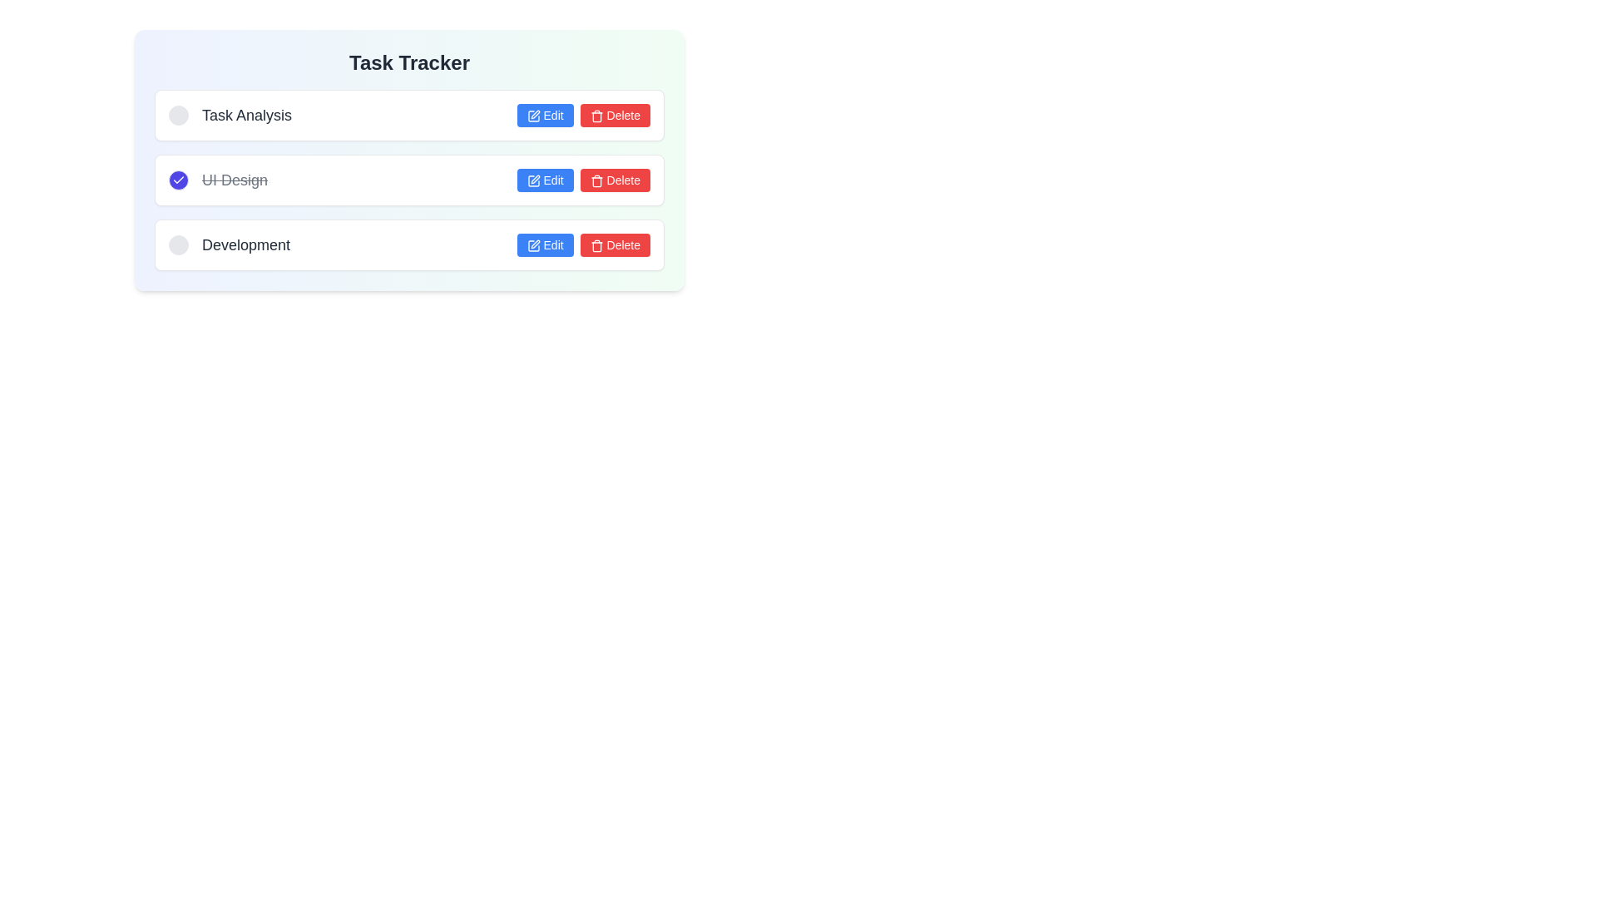 This screenshot has width=1597, height=898. What do you see at coordinates (583, 180) in the screenshot?
I see `the button group containing the edit and delete buttons for the task 'UI Design' located in the second row of the task list in the 'Task Tracker' interface, focusing on each button using keyboard navigation` at bounding box center [583, 180].